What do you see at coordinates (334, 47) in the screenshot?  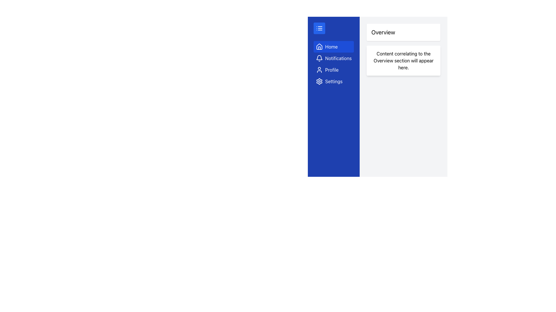 I see `the 'Home' button located in the blue sidebar, which is the first button in a vertical stack of navigation options` at bounding box center [334, 47].